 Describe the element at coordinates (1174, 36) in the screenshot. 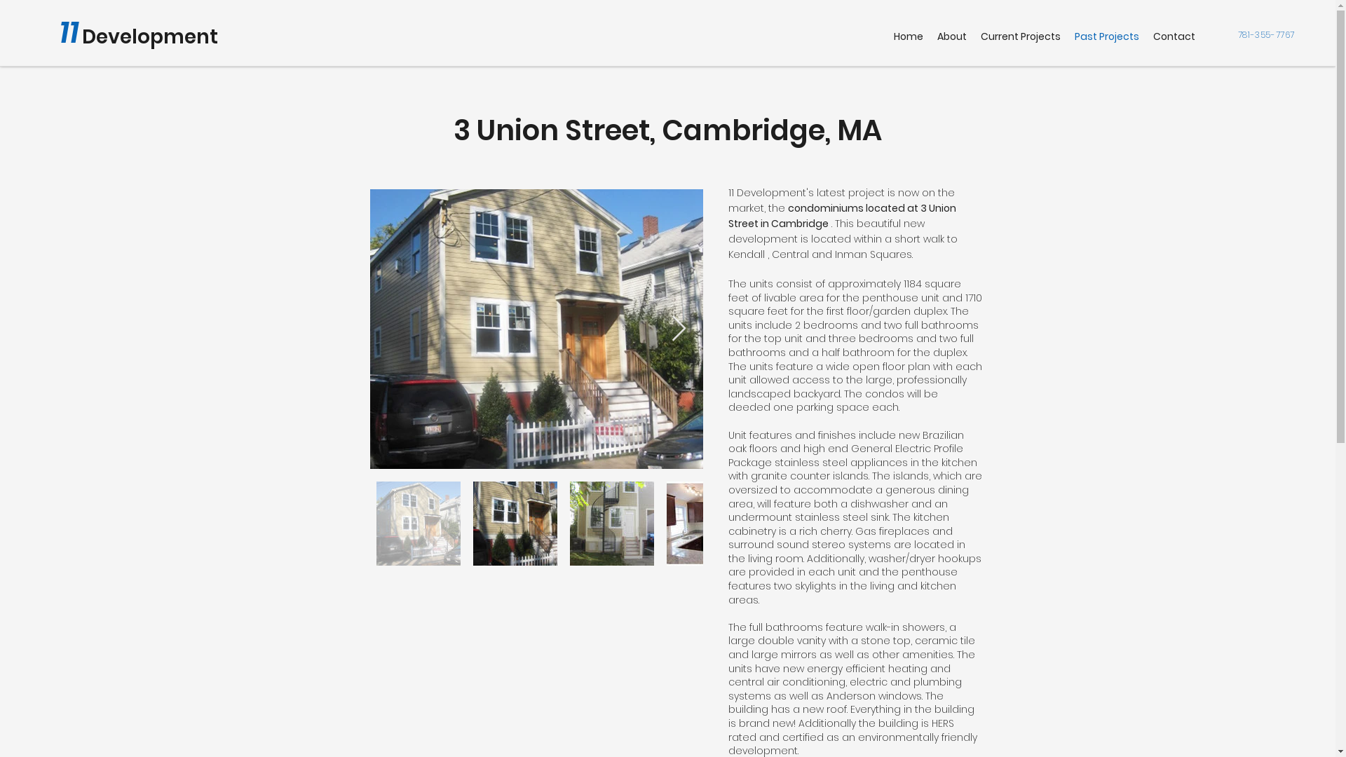

I see `'Contact'` at that location.